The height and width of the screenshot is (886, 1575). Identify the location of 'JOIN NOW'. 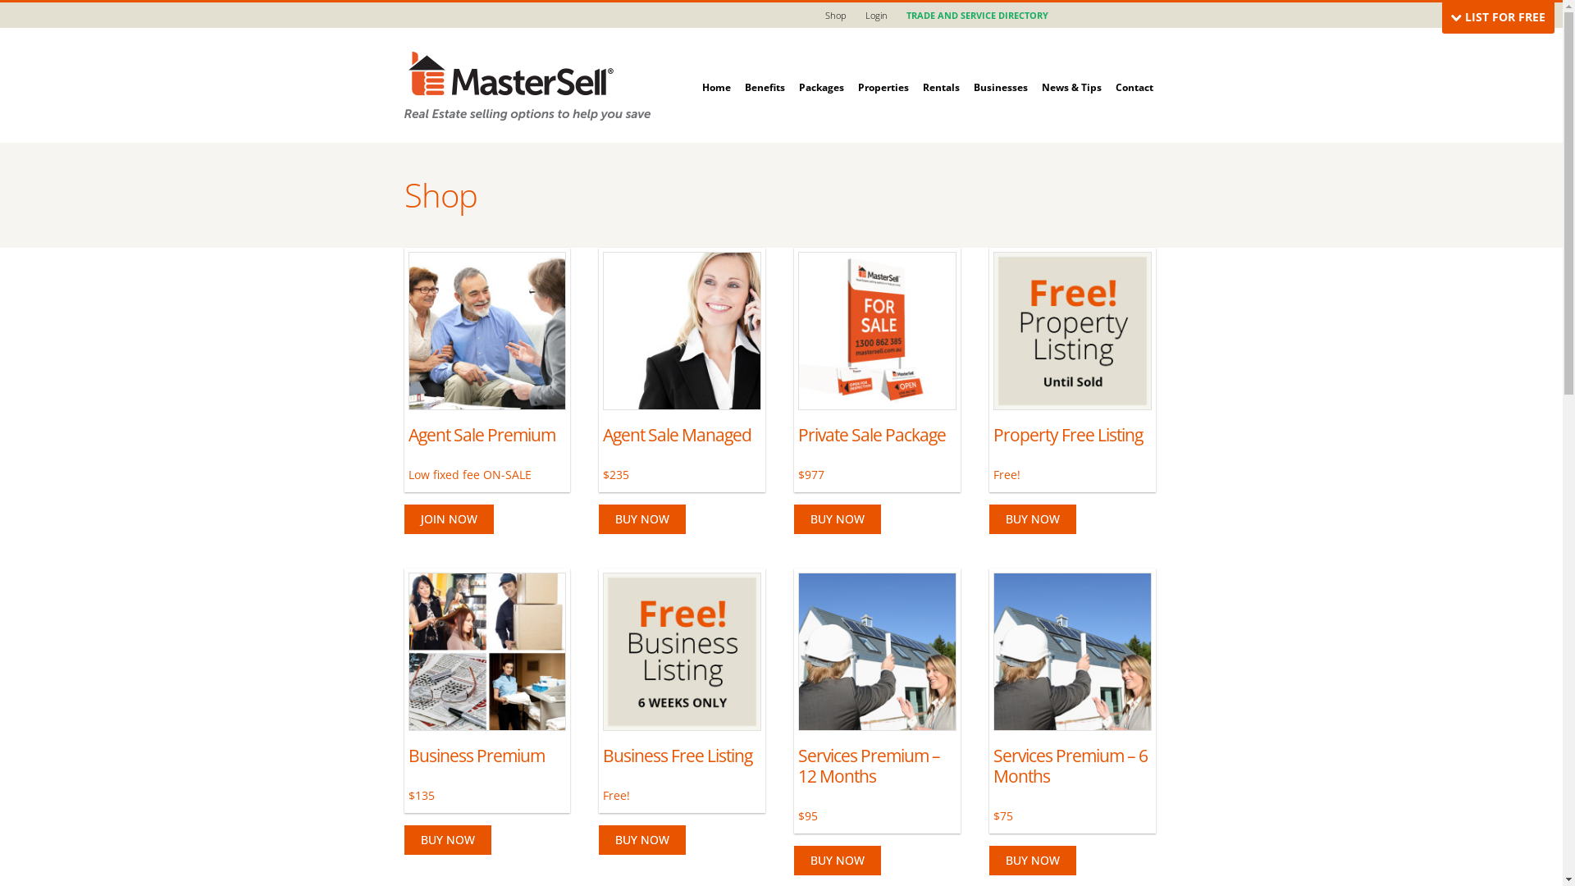
(448, 518).